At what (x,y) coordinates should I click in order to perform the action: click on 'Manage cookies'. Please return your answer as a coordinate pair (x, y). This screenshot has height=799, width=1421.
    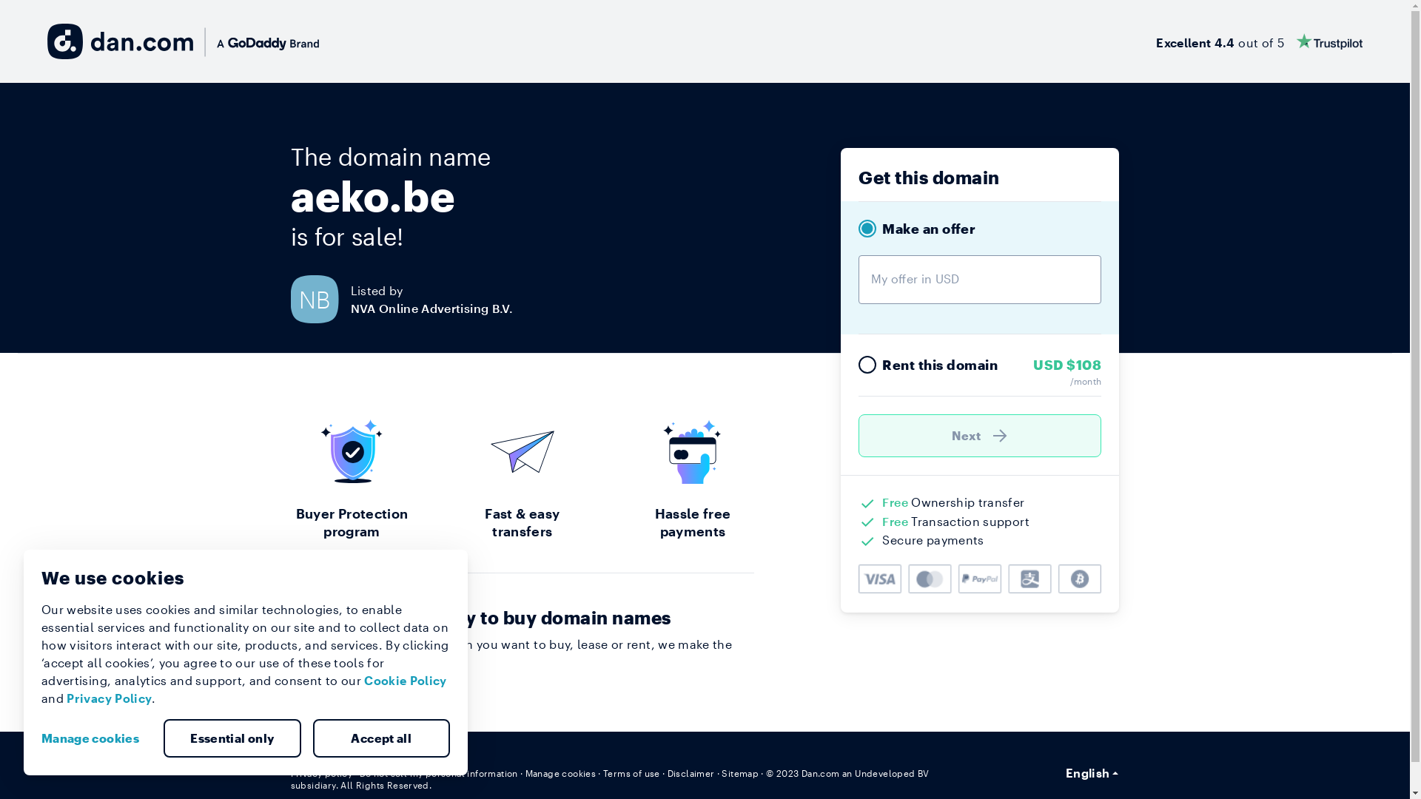
    Looking at the image, I should click on (560, 772).